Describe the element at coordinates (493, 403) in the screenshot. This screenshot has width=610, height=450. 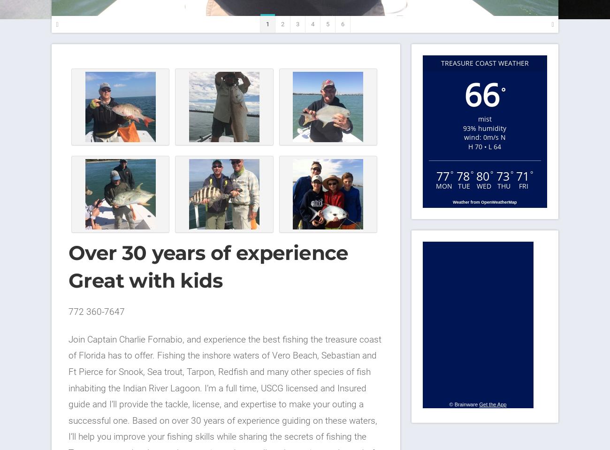
I see `'Get the App'` at that location.